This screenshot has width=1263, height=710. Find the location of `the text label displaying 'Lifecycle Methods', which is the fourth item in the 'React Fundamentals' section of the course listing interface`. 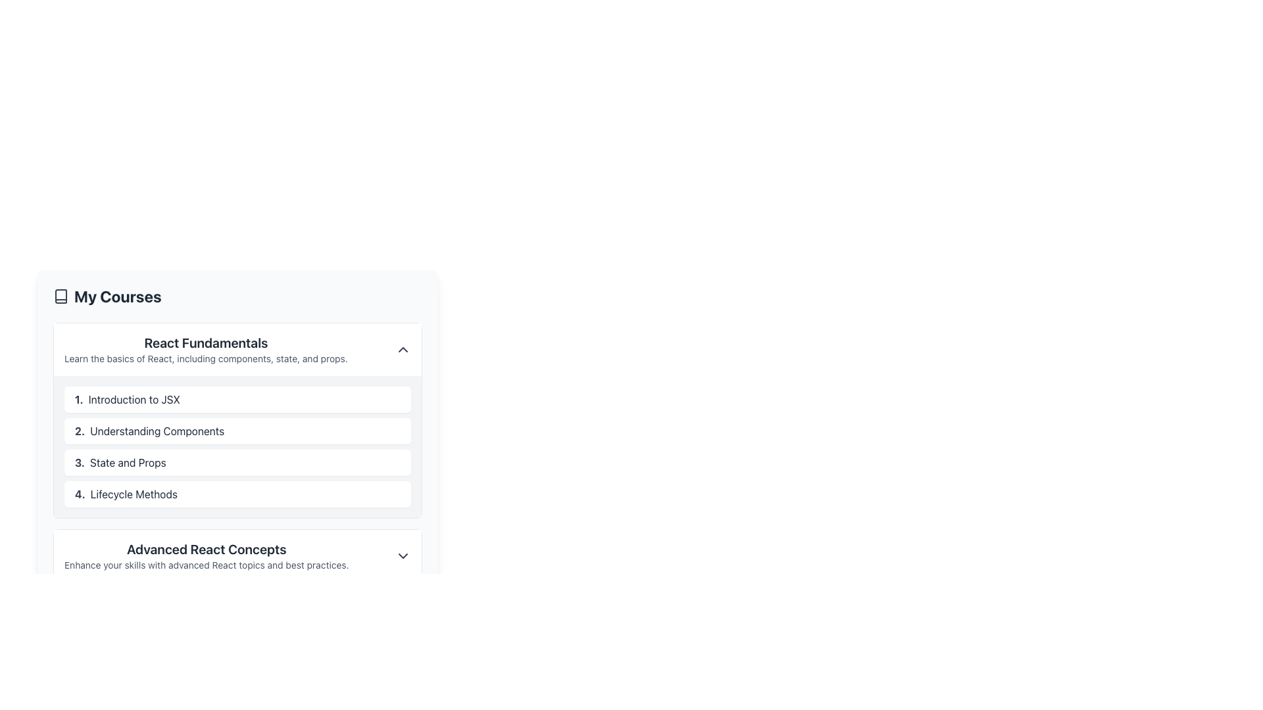

the text label displaying 'Lifecycle Methods', which is the fourth item in the 'React Fundamentals' section of the course listing interface is located at coordinates (134, 494).